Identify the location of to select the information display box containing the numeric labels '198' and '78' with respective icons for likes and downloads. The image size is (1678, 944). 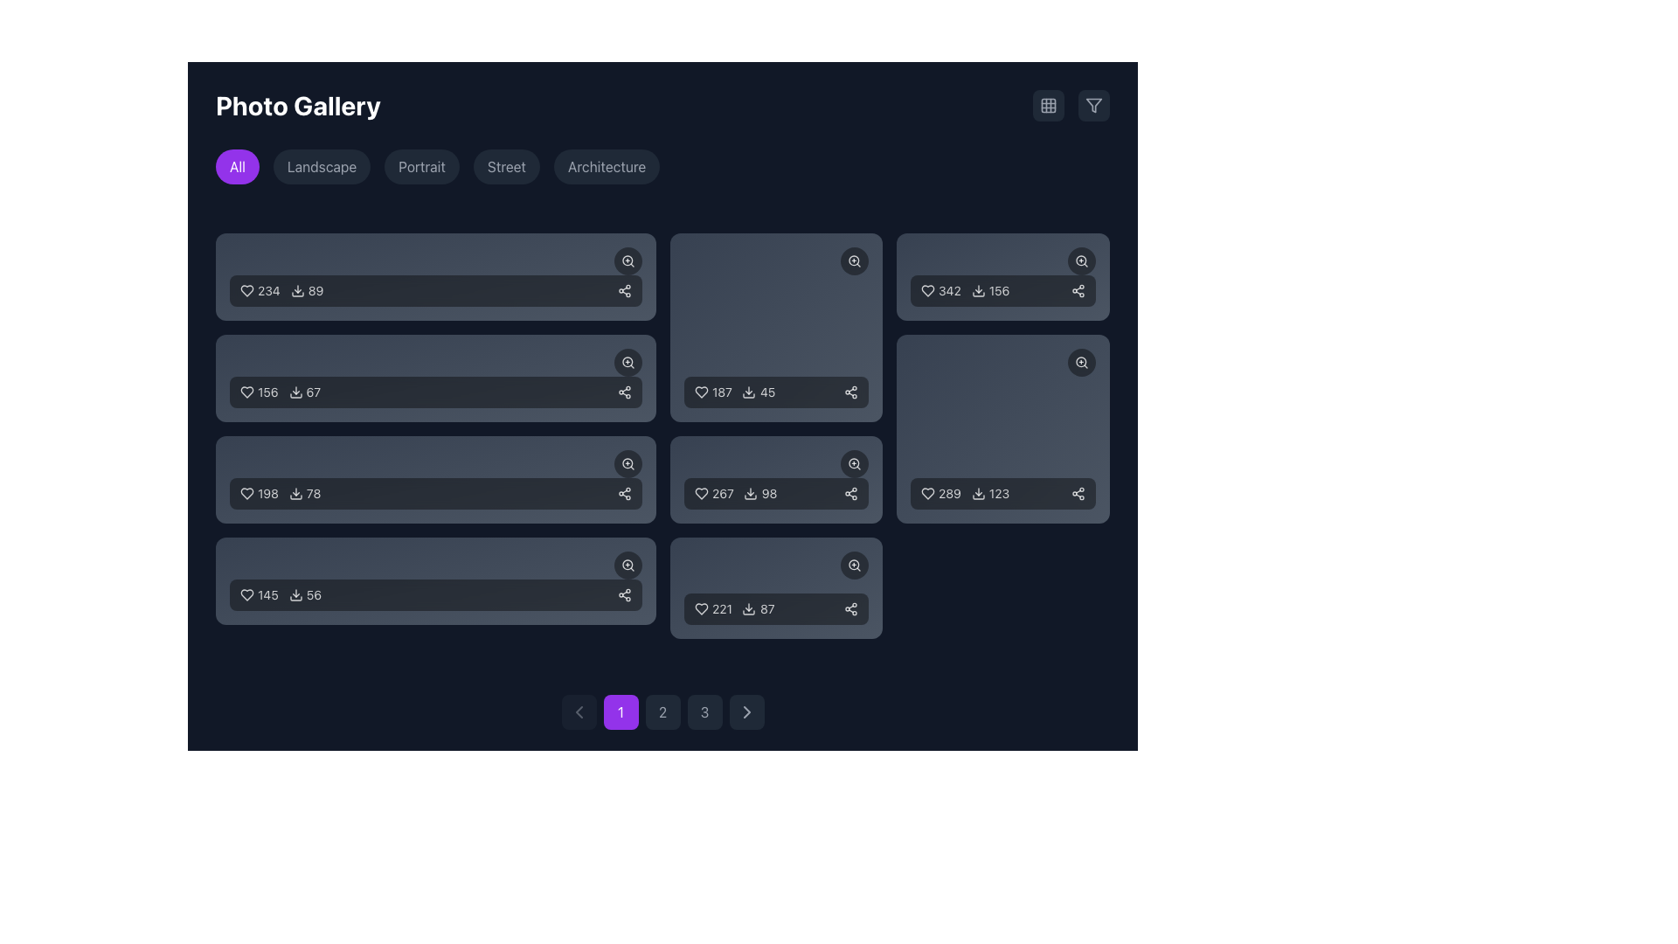
(435, 493).